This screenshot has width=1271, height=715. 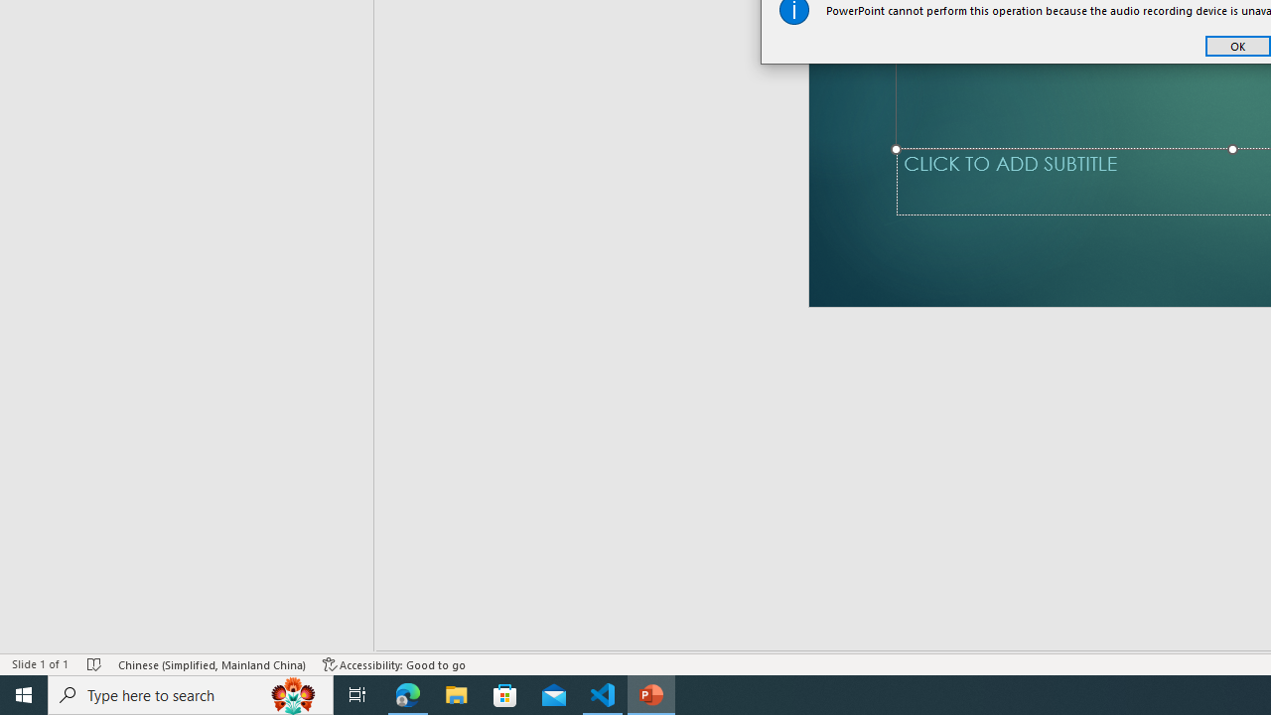 I want to click on 'PowerPoint - 1 running window', so click(x=651, y=693).